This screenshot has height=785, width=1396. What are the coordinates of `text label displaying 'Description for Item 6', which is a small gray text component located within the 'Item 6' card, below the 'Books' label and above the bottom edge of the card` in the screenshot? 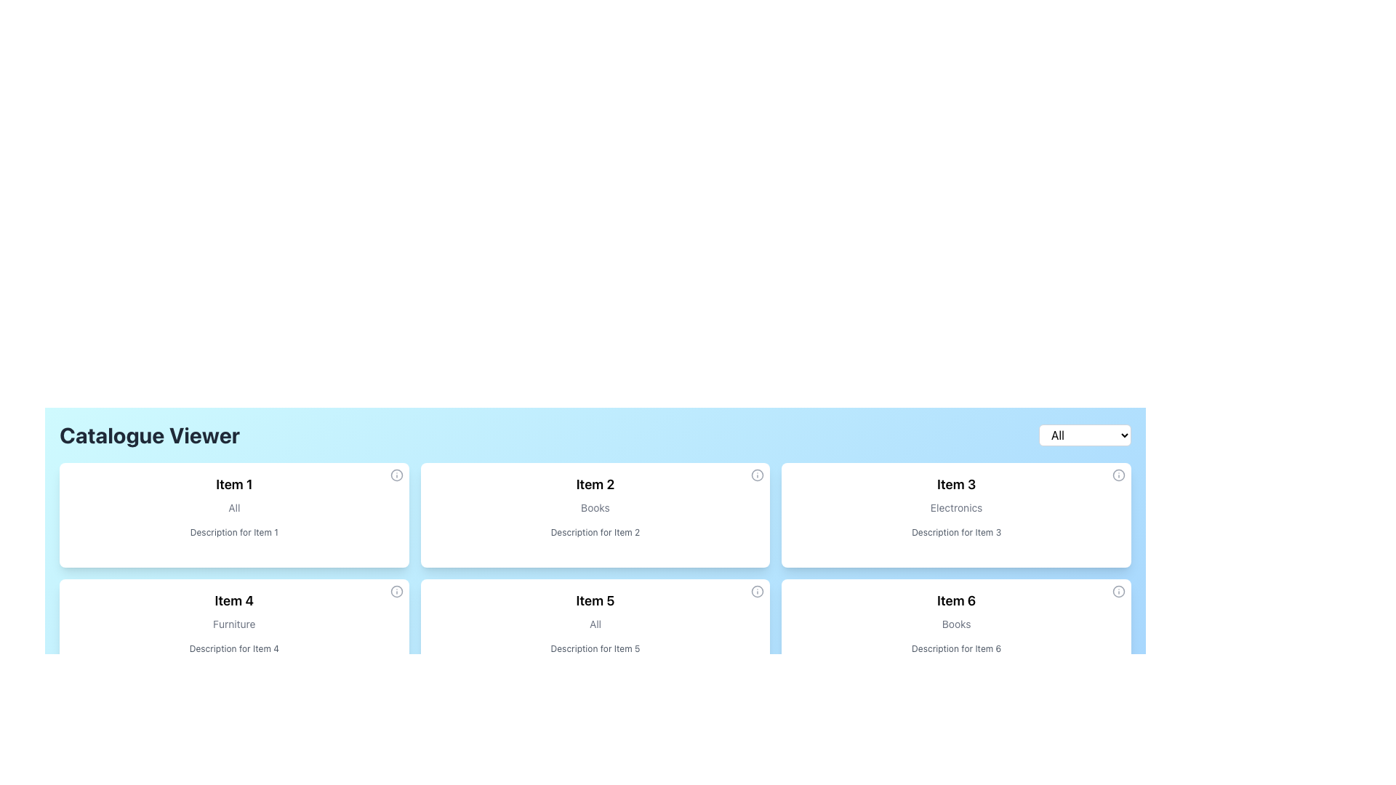 It's located at (956, 648).